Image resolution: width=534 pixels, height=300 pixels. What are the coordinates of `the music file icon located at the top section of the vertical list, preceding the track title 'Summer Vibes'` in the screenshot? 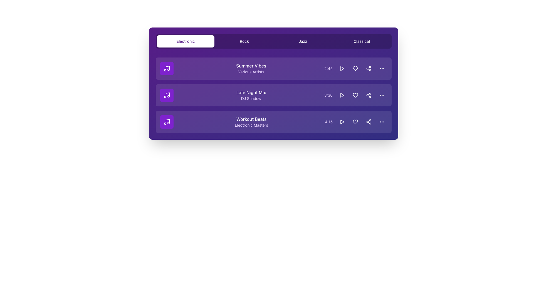 It's located at (167, 68).